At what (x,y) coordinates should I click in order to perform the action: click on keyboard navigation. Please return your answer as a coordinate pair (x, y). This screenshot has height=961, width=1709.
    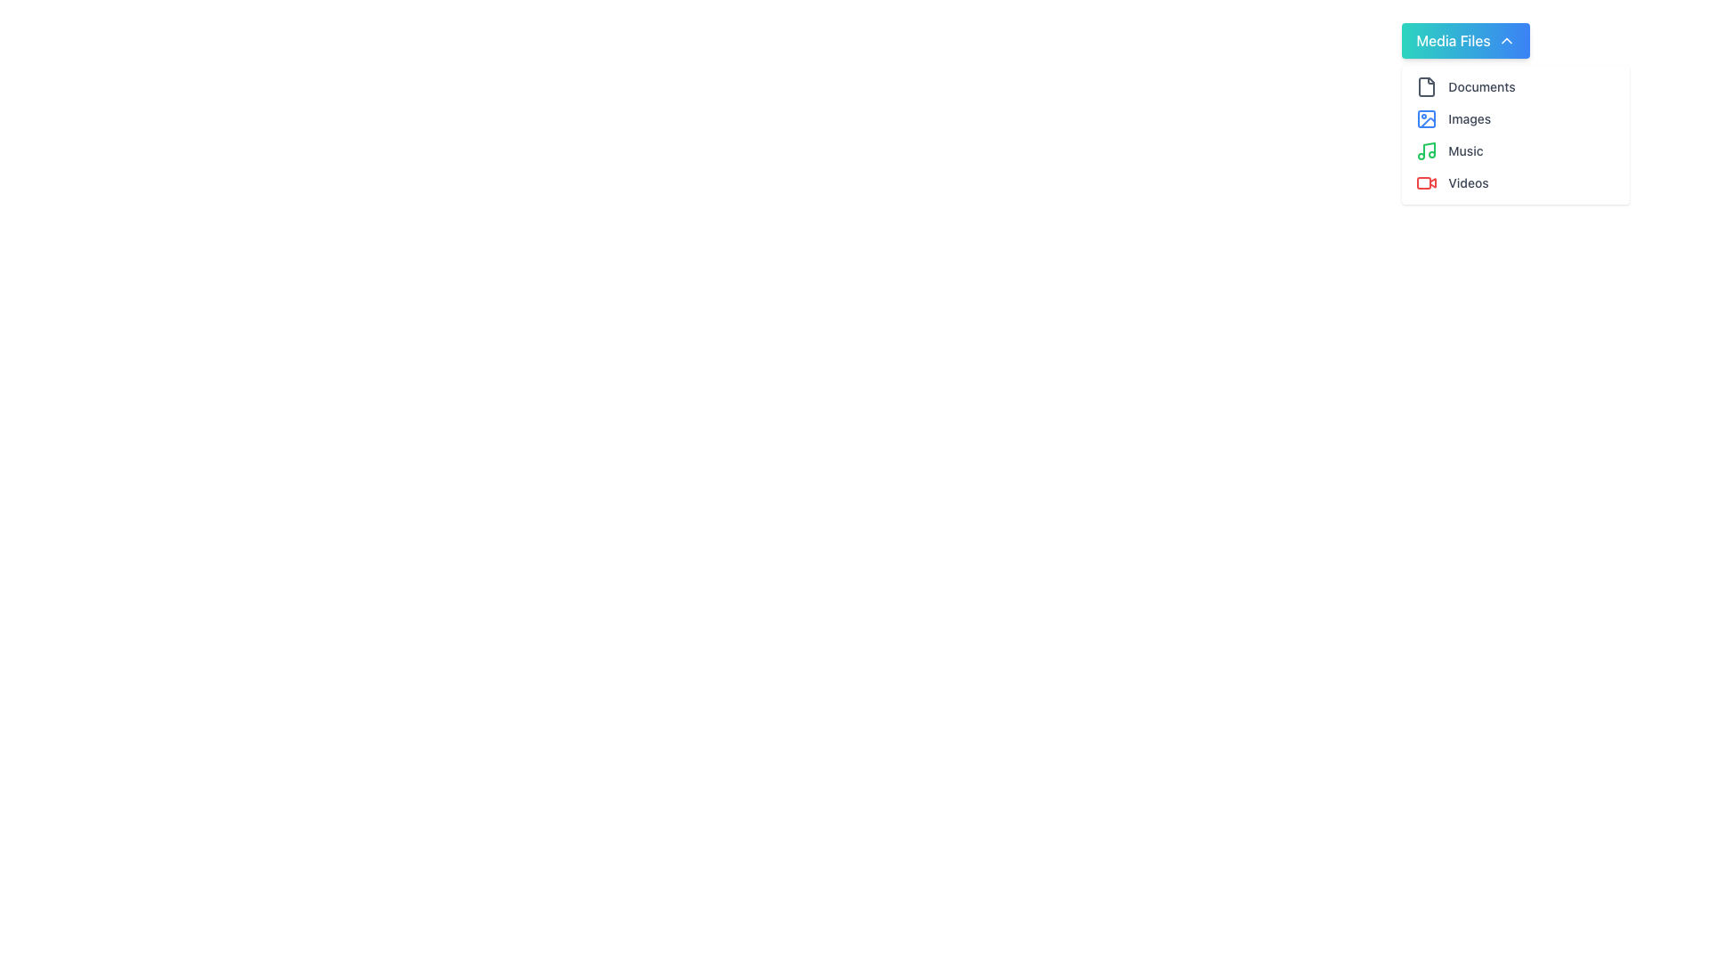
    Looking at the image, I should click on (1515, 119).